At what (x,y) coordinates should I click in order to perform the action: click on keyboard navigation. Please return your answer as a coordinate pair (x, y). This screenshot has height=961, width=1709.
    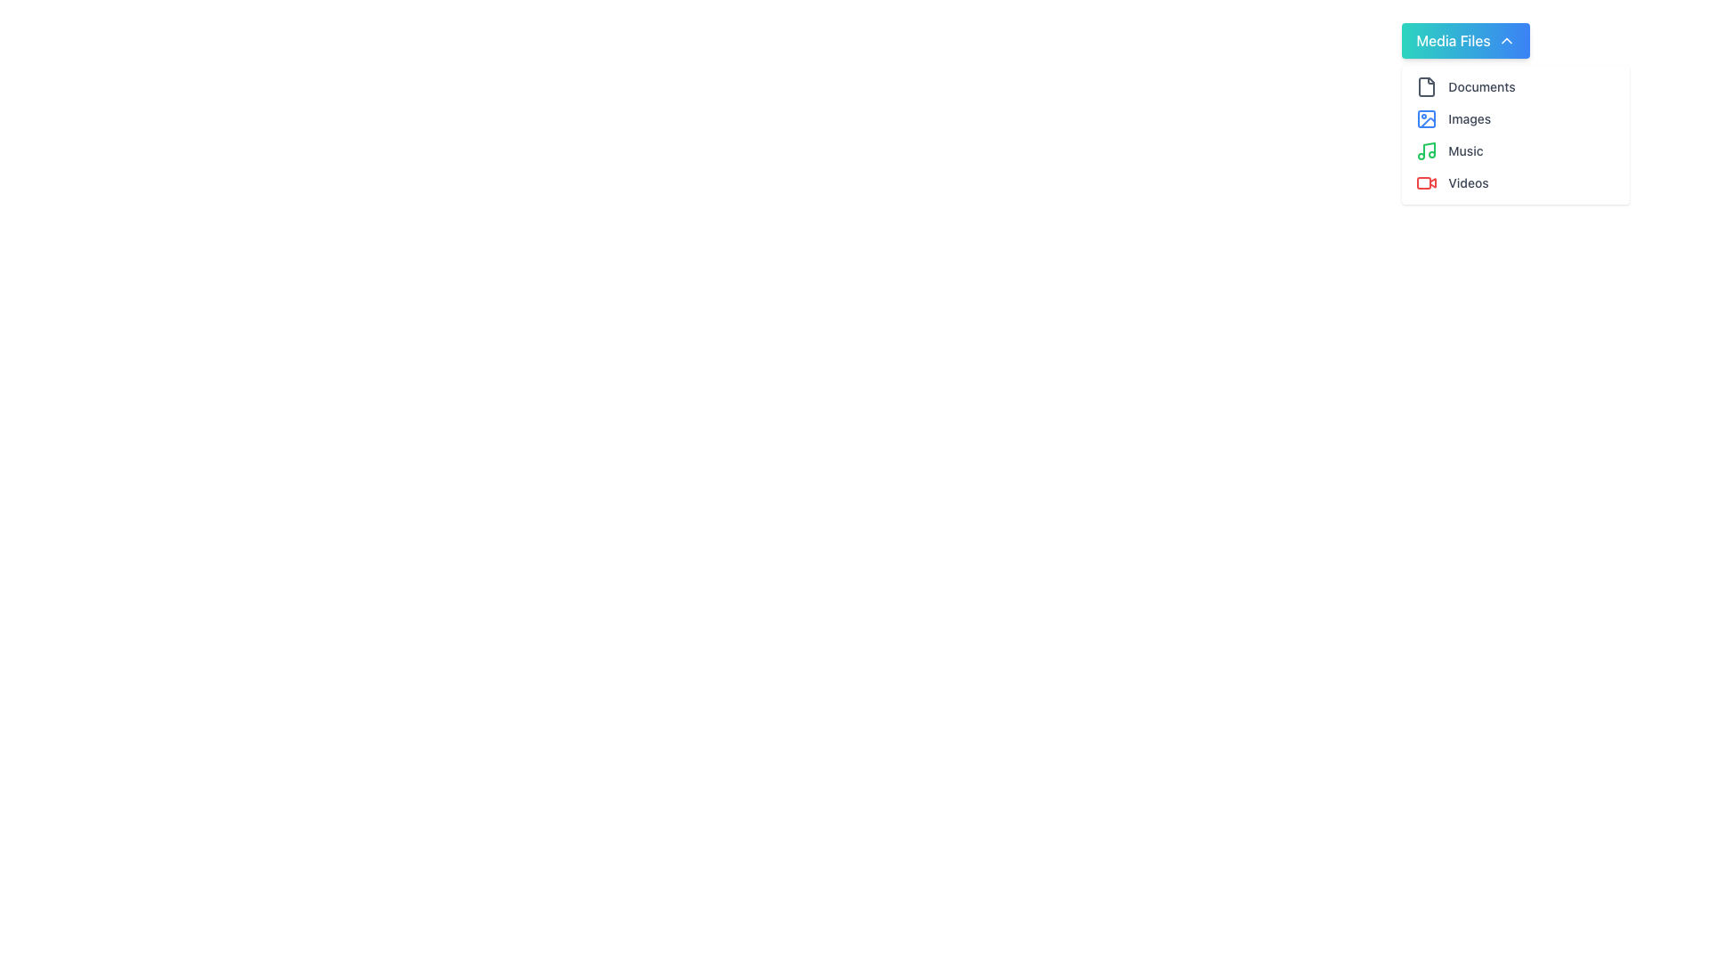
    Looking at the image, I should click on (1515, 119).